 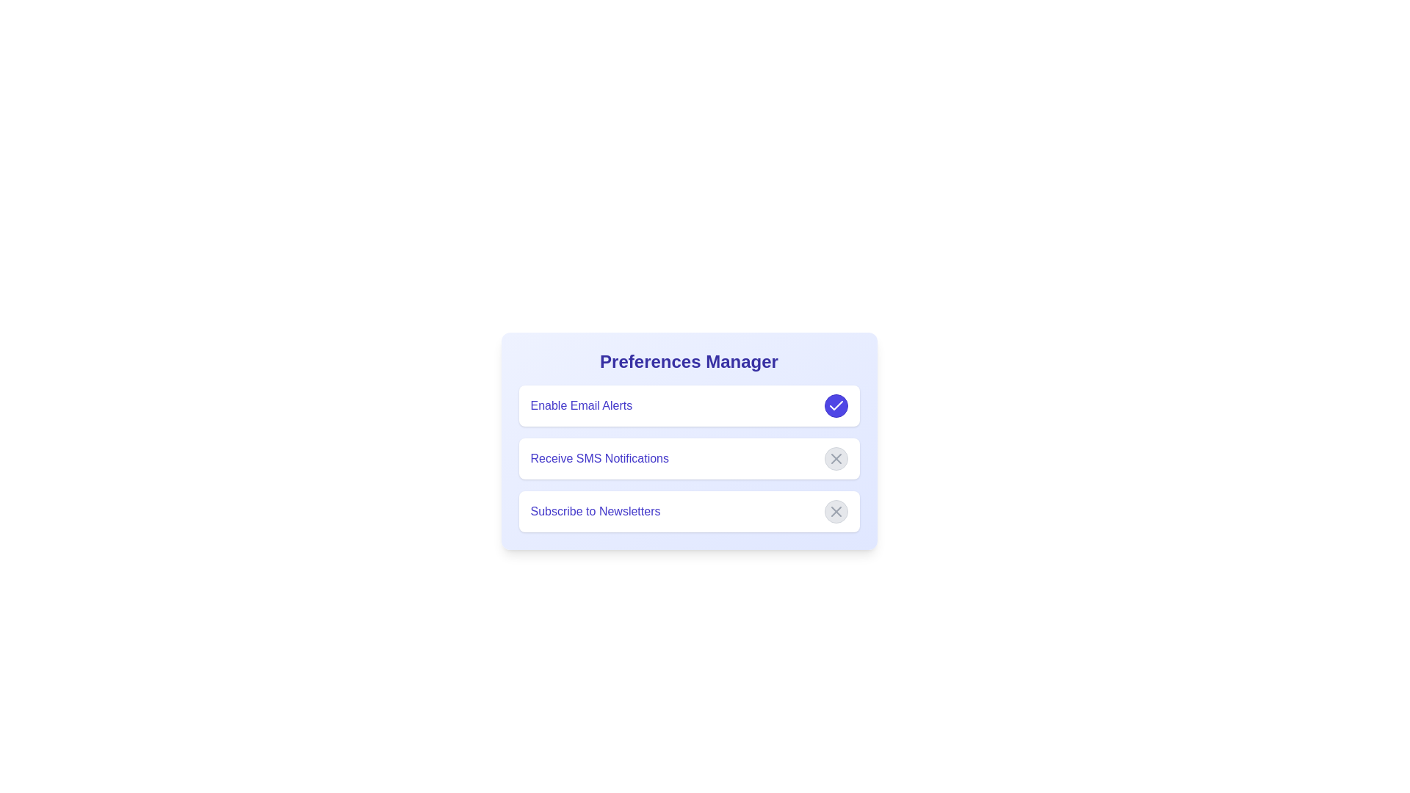 I want to click on the text label that describes email alerts, which is located to the left of a circular button with a checkmark in the preference management module, so click(x=580, y=405).